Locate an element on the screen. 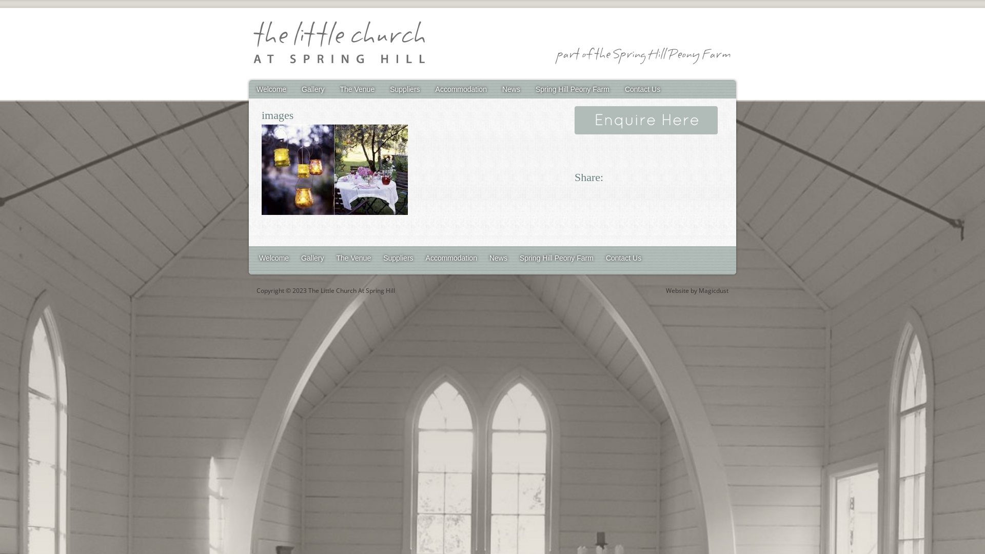  'Accommodation' is located at coordinates (428, 88).